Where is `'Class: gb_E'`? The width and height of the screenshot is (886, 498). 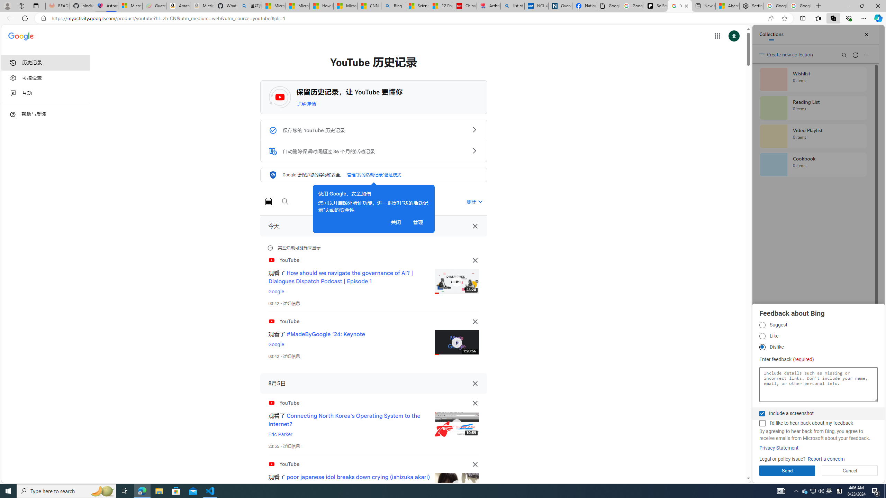
'Class: gb_E' is located at coordinates (717, 36).